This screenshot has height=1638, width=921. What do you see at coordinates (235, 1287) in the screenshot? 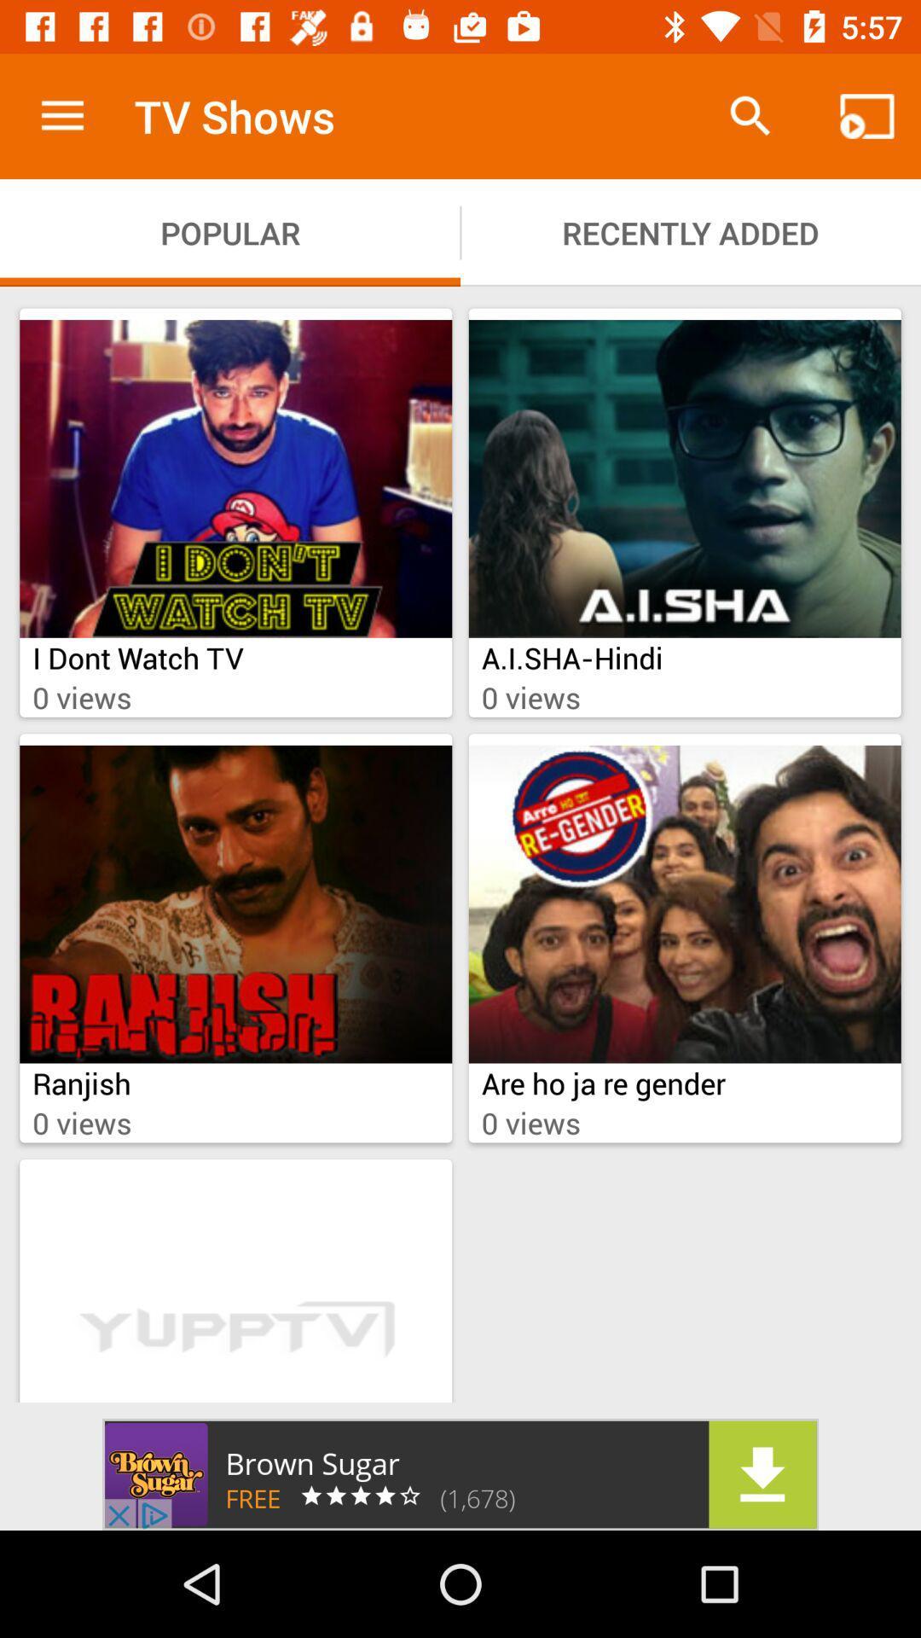
I see `the image in which it says yupptv` at bounding box center [235, 1287].